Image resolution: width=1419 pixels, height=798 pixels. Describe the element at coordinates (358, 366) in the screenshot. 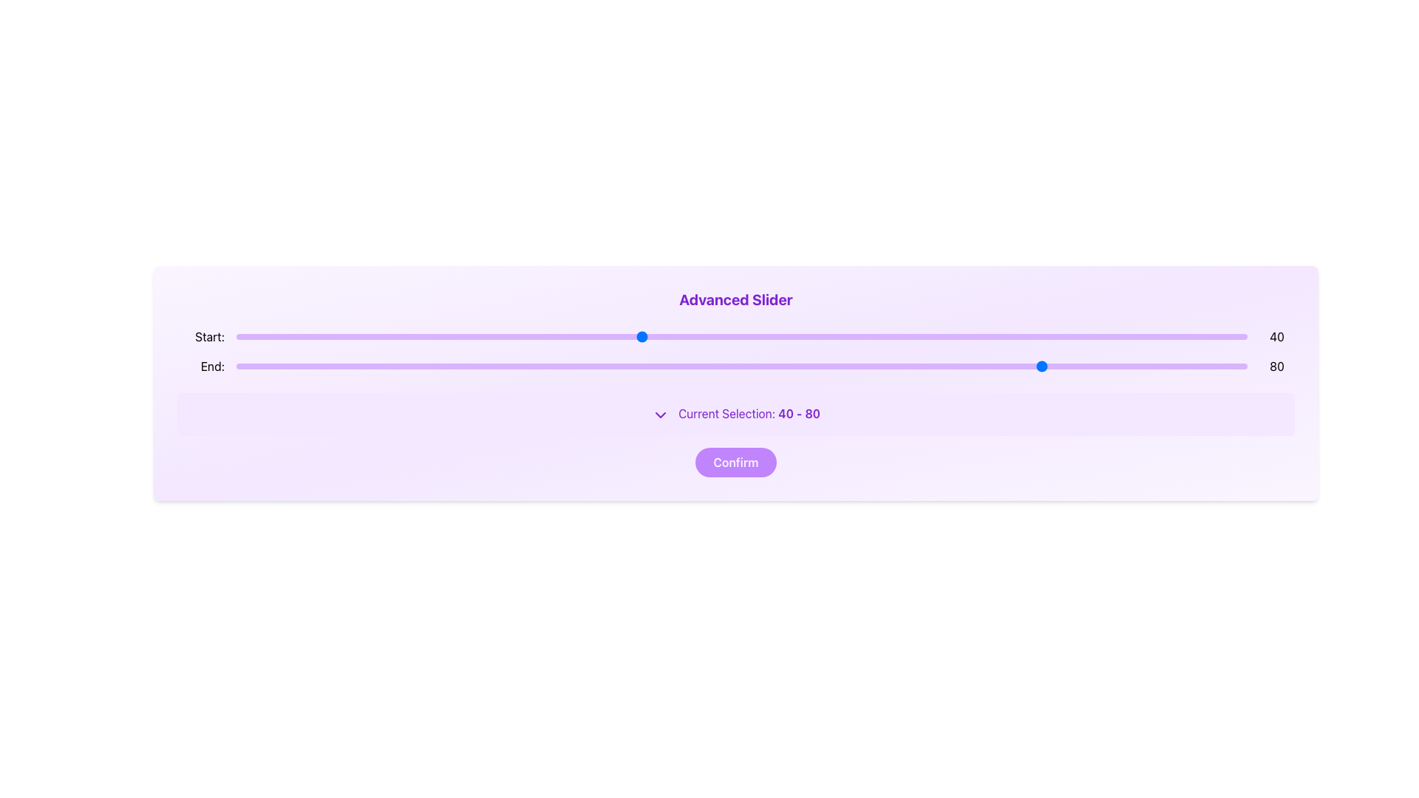

I see `the slider value` at that location.